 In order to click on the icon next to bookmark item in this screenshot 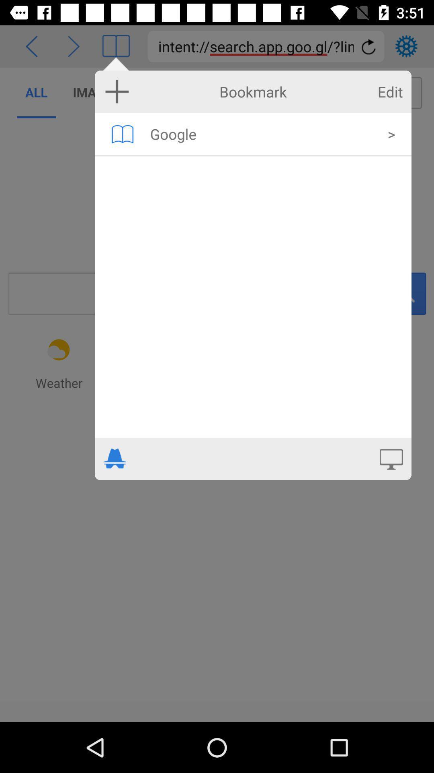, I will do `click(390, 92)`.